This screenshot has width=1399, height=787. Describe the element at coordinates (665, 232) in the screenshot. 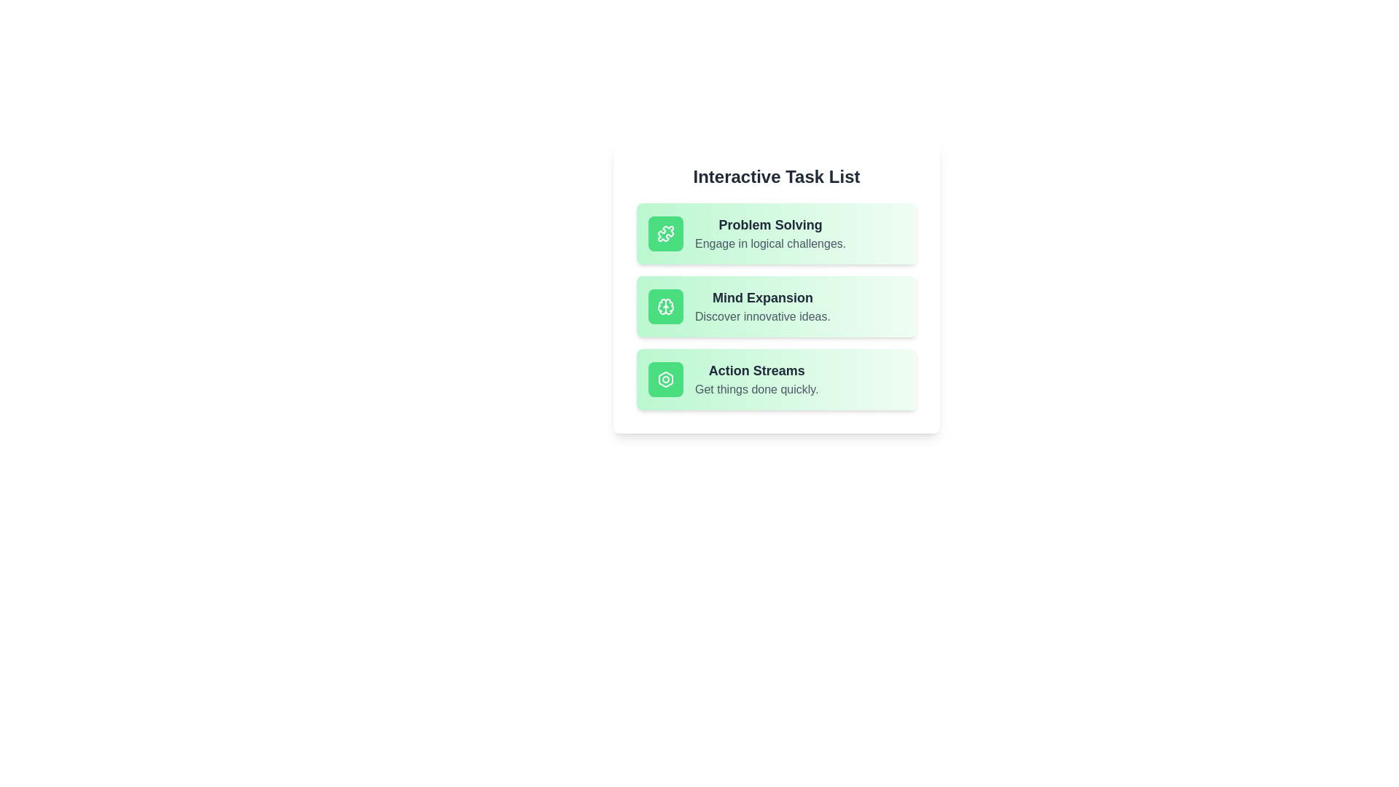

I see `the icon associated with the Problem Solving item` at that location.